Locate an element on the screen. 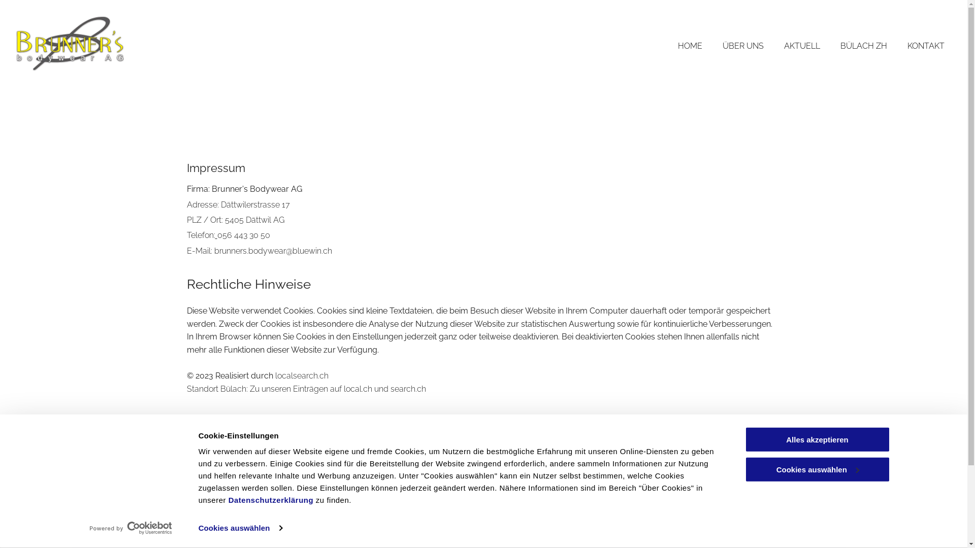 This screenshot has width=975, height=548. '056 443 30 50' is located at coordinates (244, 235).